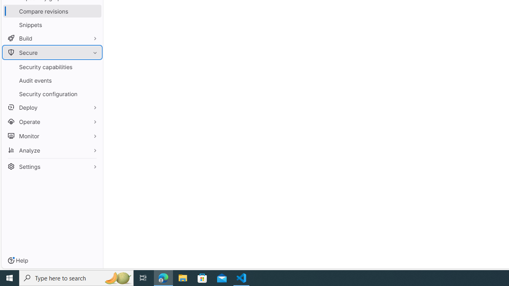 The width and height of the screenshot is (509, 286). I want to click on 'Snippets', so click(52, 24).